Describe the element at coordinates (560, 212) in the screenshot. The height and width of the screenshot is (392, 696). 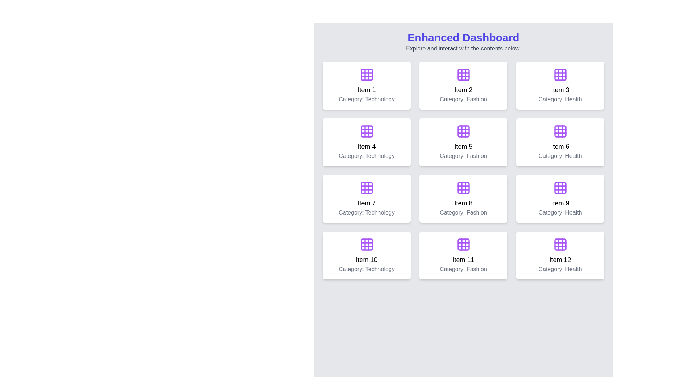
I see `the text label that displays 'Category: Health', which is styled in gray and located in the ninth item card below the title 'Item 9'` at that location.